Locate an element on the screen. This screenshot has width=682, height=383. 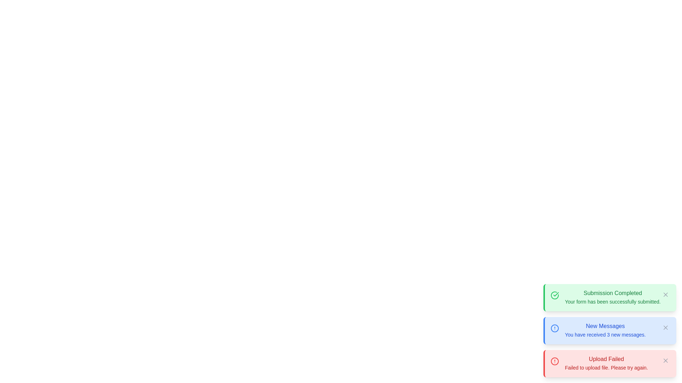
the close icon (a thin-lined 'X' shape) located in the top-right corner of the green notification card labeled 'Submission Completed' is located at coordinates (665, 294).